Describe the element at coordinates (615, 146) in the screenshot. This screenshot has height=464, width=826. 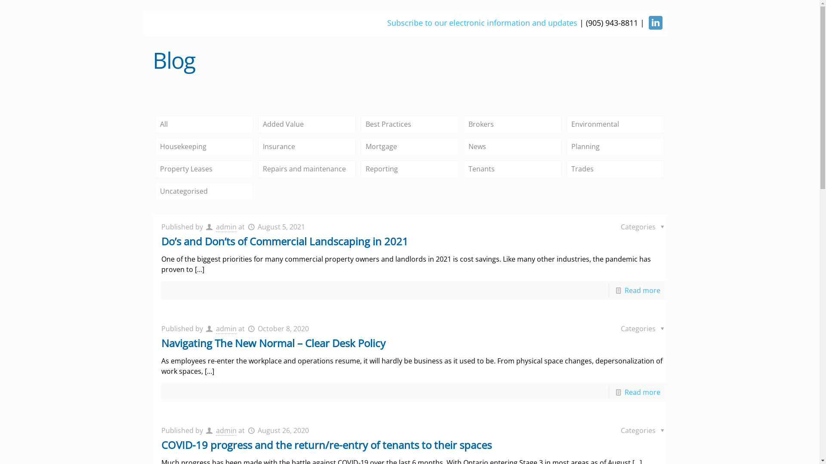
I see `'Planning'` at that location.